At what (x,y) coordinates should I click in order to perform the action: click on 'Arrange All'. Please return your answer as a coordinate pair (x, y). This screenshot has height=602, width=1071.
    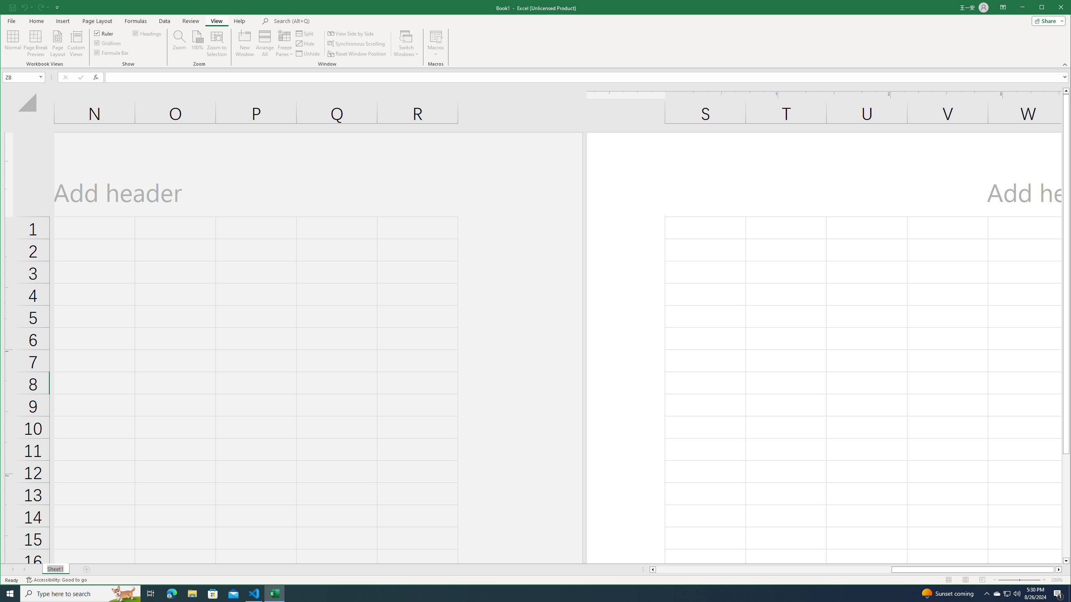
    Looking at the image, I should click on (264, 43).